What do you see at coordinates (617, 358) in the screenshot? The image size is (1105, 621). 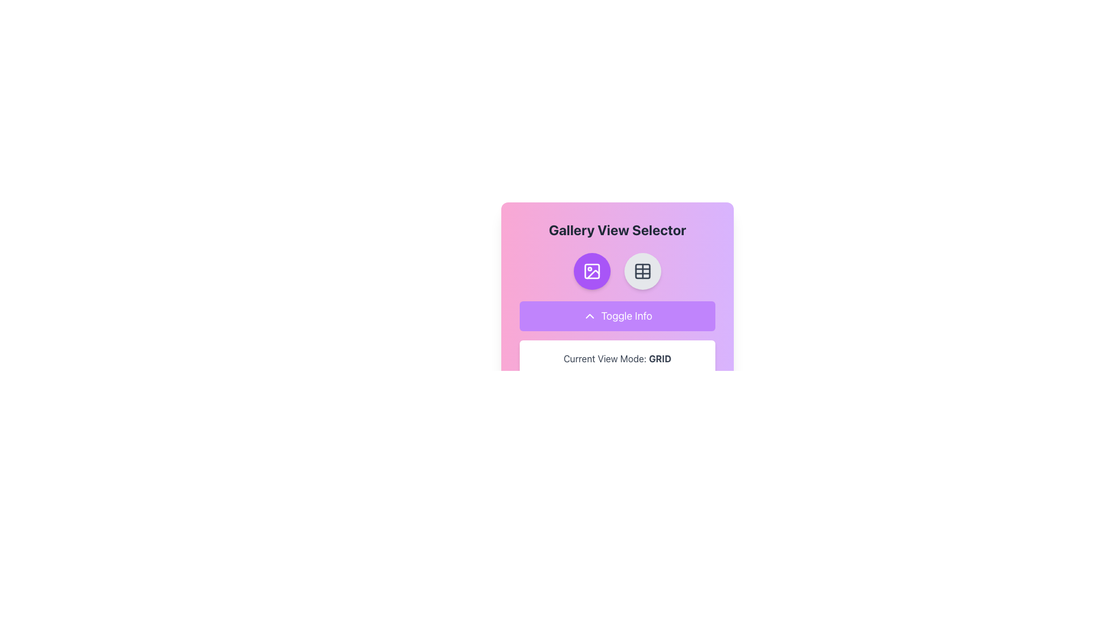 I see `the text label displaying 'Current View Mode: GRID' which is styled with a white background and is centered below the 'Toggle Info' button` at bounding box center [617, 358].